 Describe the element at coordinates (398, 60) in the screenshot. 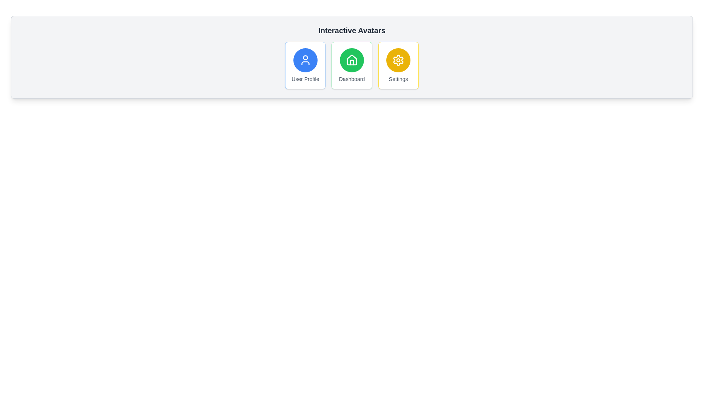

I see `the circular yellow icon with a white gear symbol, indicating settings functionality, located at the center of the third card labeled 'Settings'` at that location.